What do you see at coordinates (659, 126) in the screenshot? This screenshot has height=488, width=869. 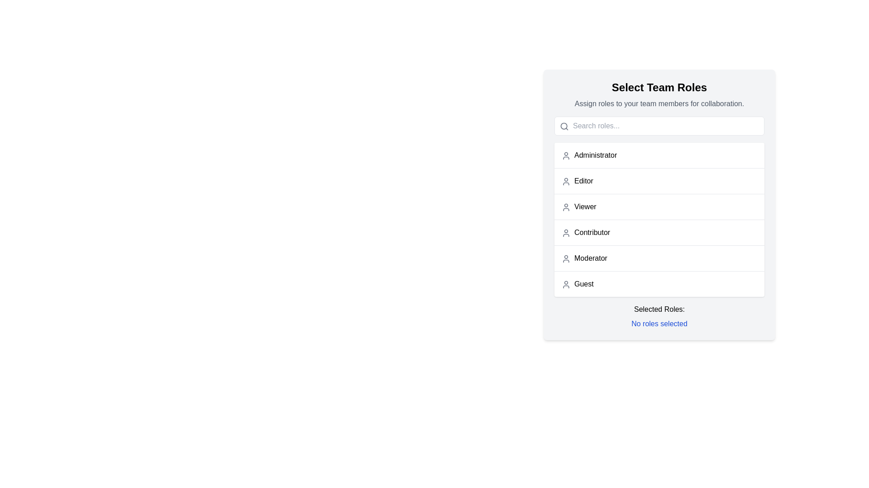 I see `the search input field with placeholder 'Search roles...' located in the 'Select Team Roles' panel to focus it` at bounding box center [659, 126].